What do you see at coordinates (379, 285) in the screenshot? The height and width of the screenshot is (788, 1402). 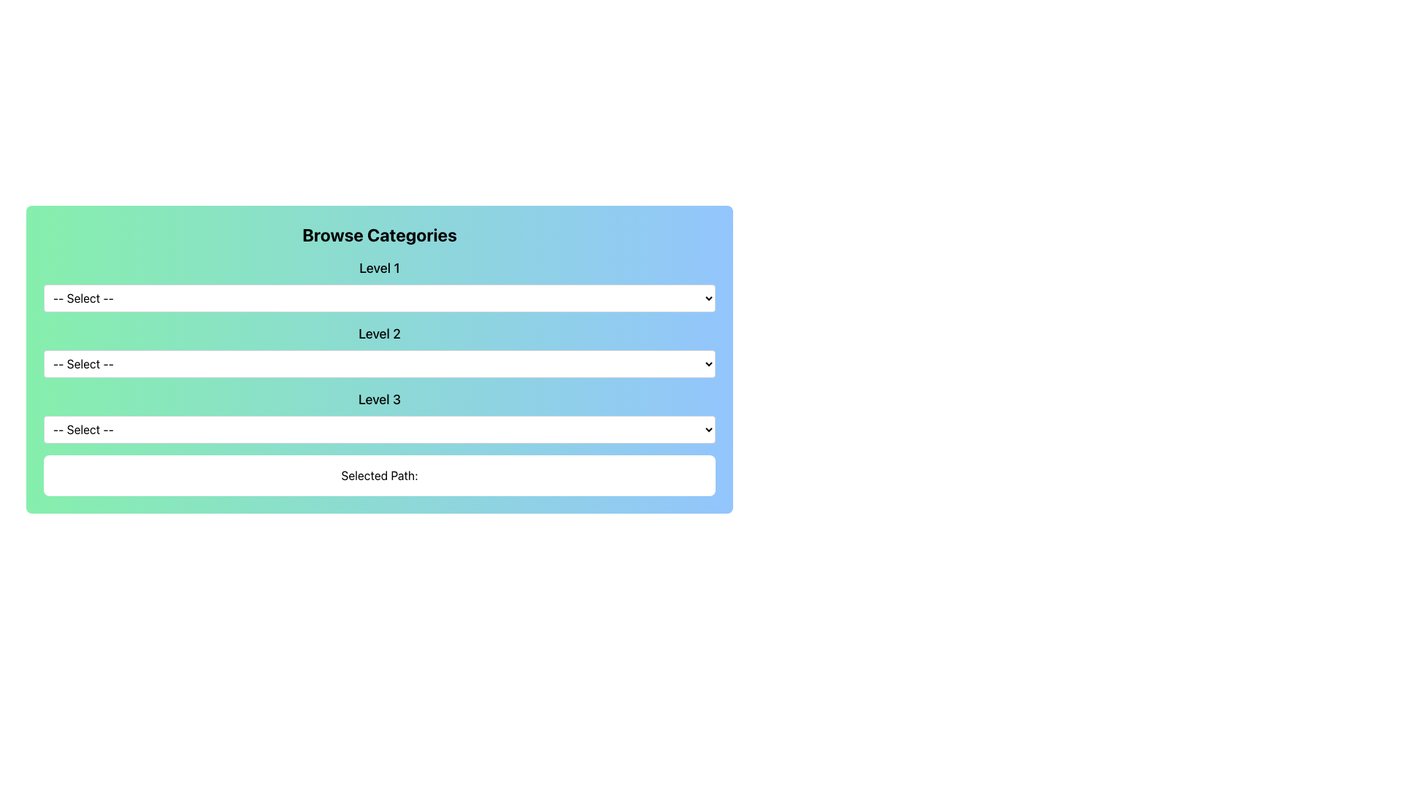 I see `the dropdown menu labeled 'Level 1'` at bounding box center [379, 285].